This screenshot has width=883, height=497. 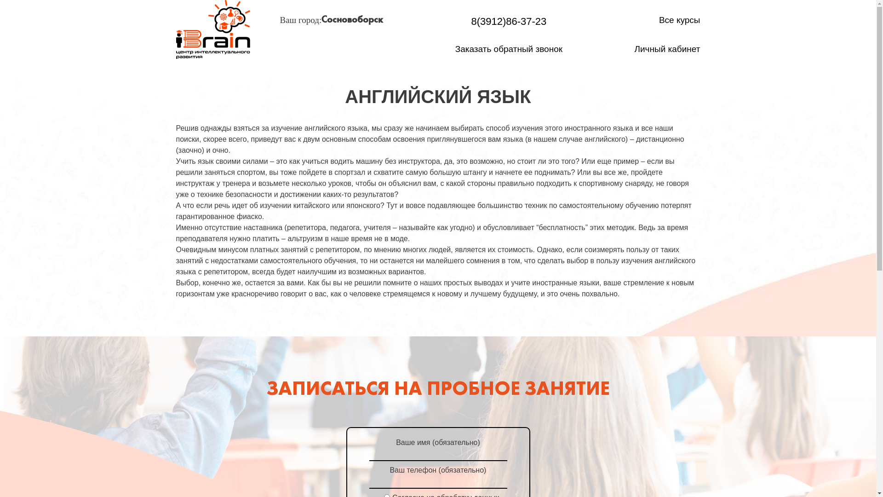 I want to click on '8(3912)86-37-23', so click(x=508, y=21).